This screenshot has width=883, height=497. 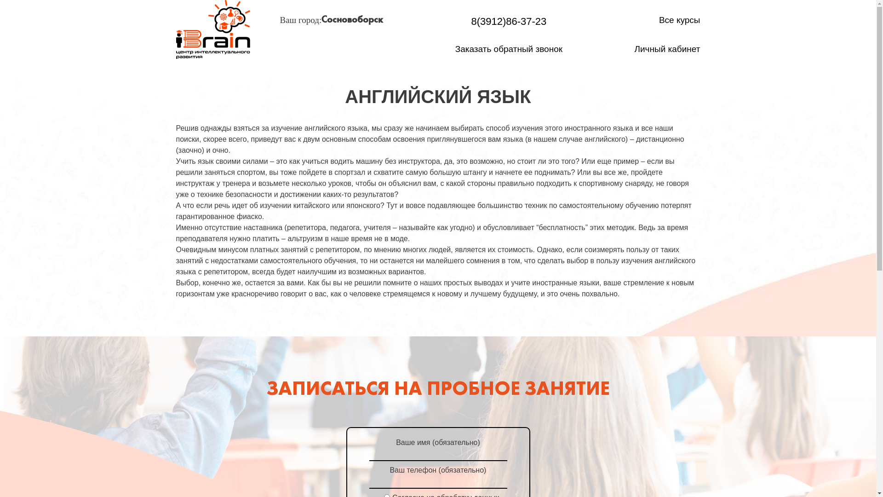 I want to click on '8(3912)86-37-23', so click(x=508, y=21).